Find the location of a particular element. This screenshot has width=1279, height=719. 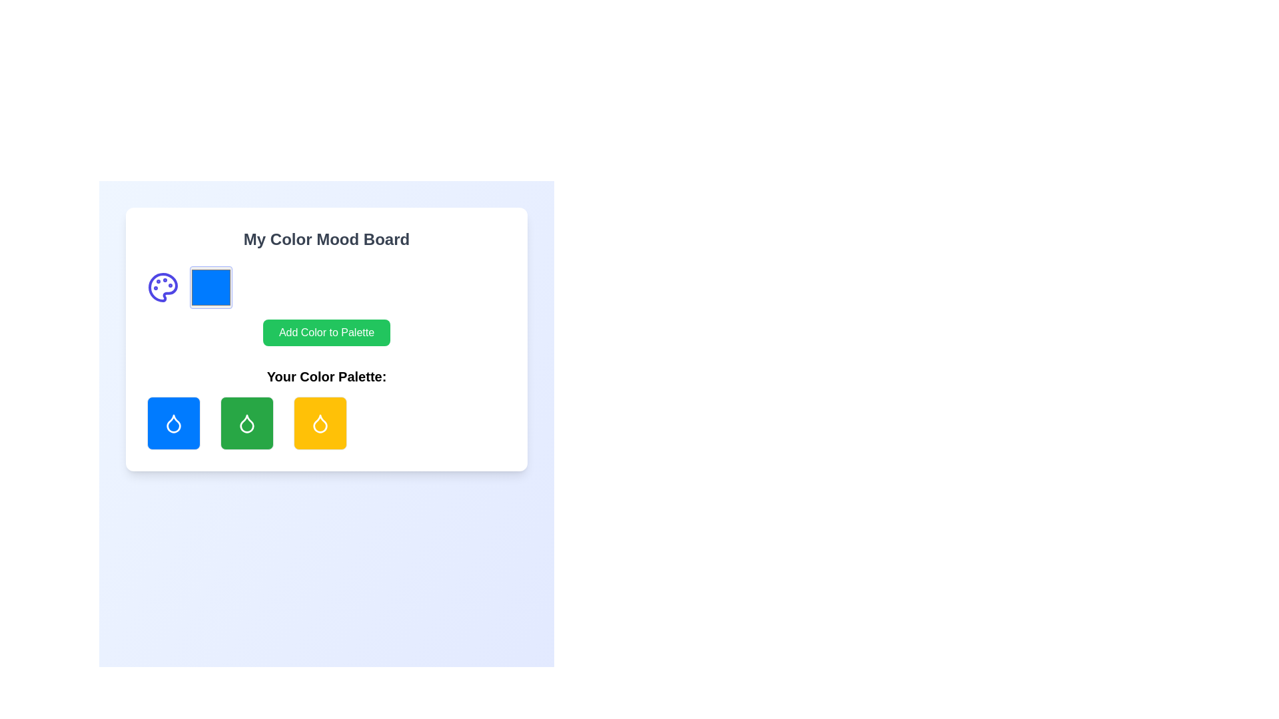

the fourth button in the 'Your Color Palette' section is located at coordinates (320, 423).